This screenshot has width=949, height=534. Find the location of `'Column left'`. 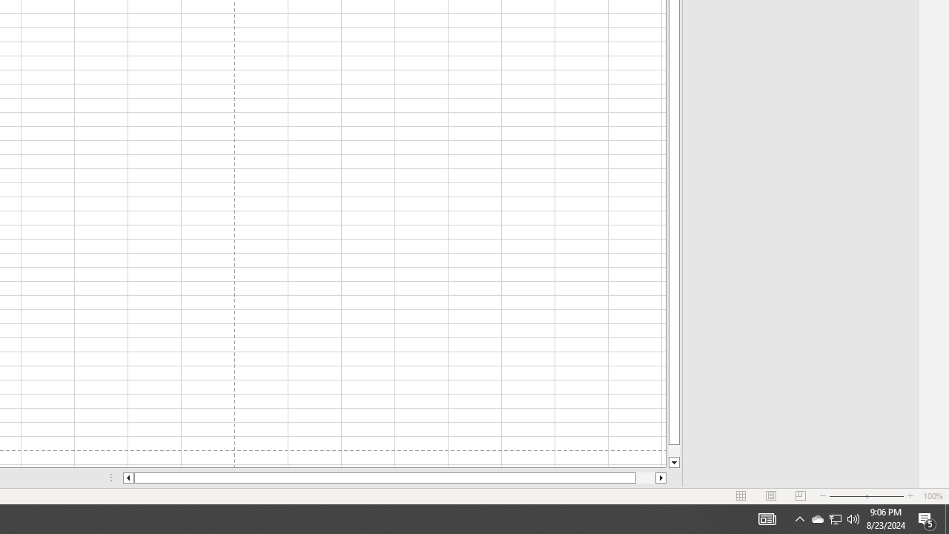

'Column left' is located at coordinates (128, 478).